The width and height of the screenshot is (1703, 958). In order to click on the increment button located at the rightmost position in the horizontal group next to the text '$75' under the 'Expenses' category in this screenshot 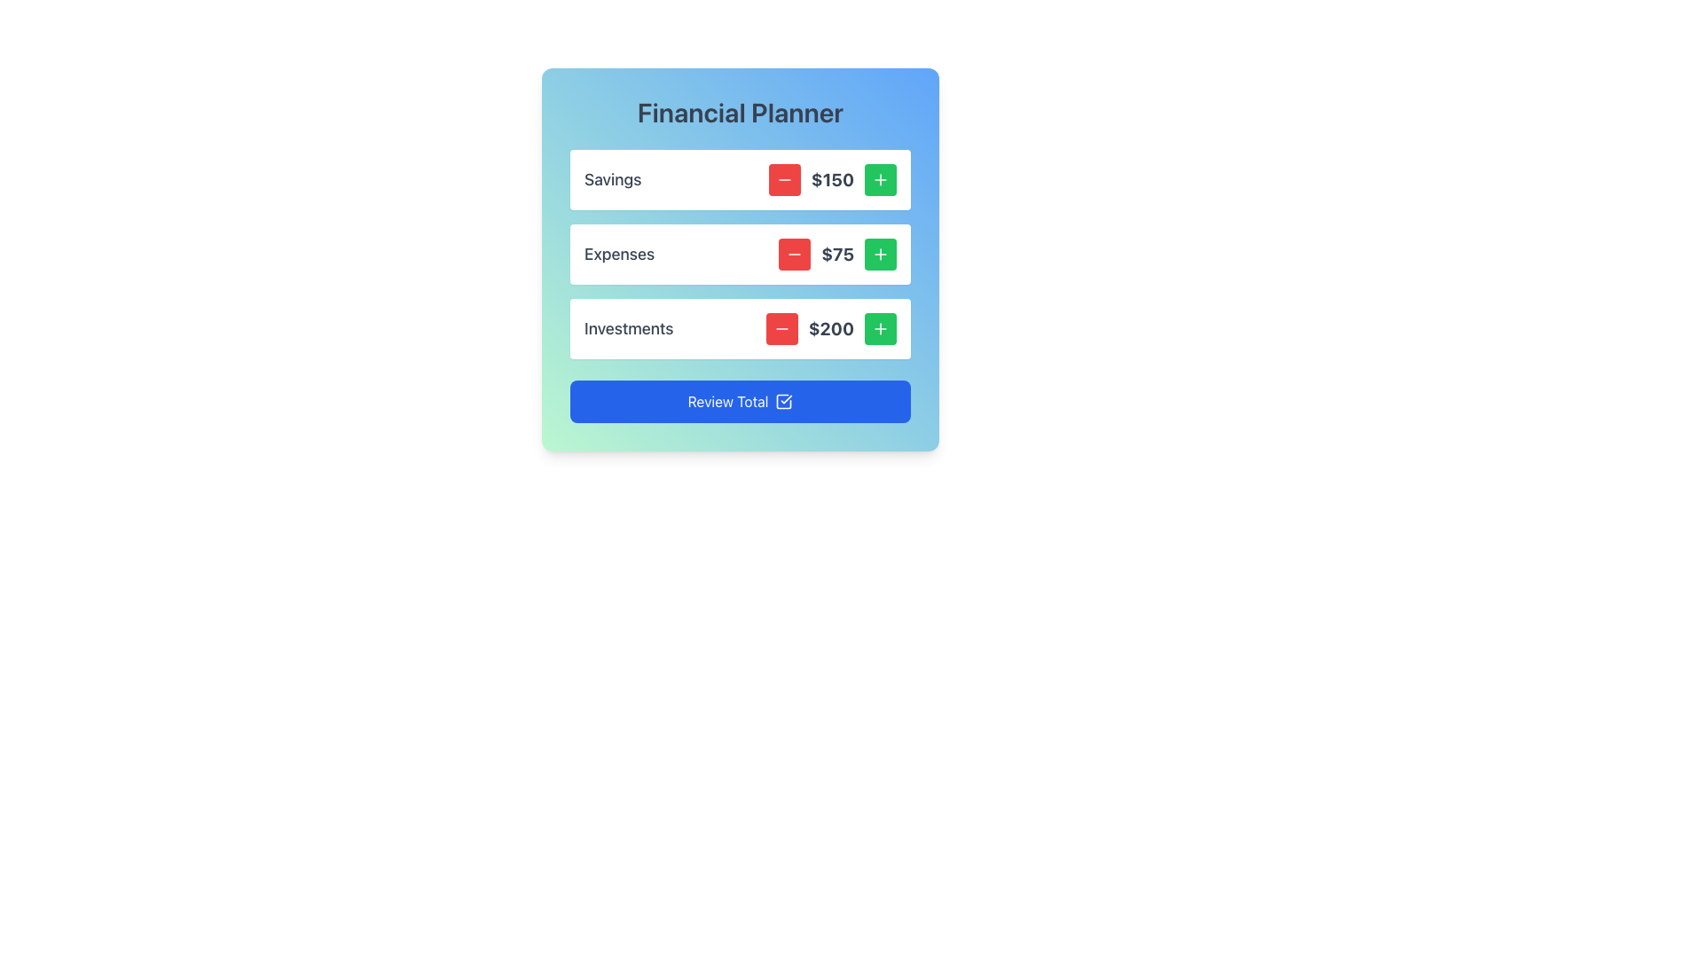, I will do `click(881, 254)`.